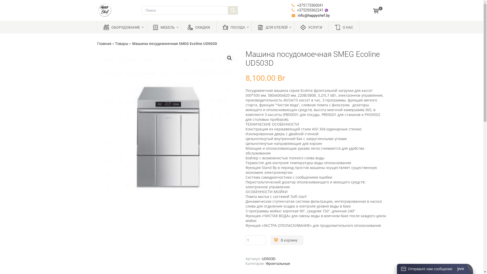 The image size is (487, 274). I want to click on '+375173360041', so click(310, 5).